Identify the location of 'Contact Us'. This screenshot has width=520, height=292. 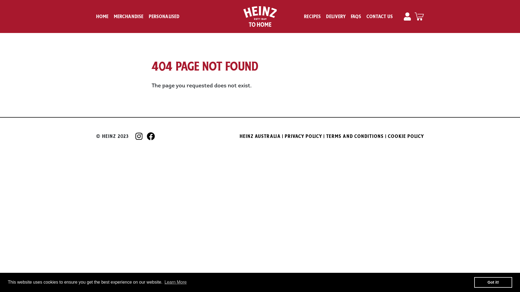
(379, 16).